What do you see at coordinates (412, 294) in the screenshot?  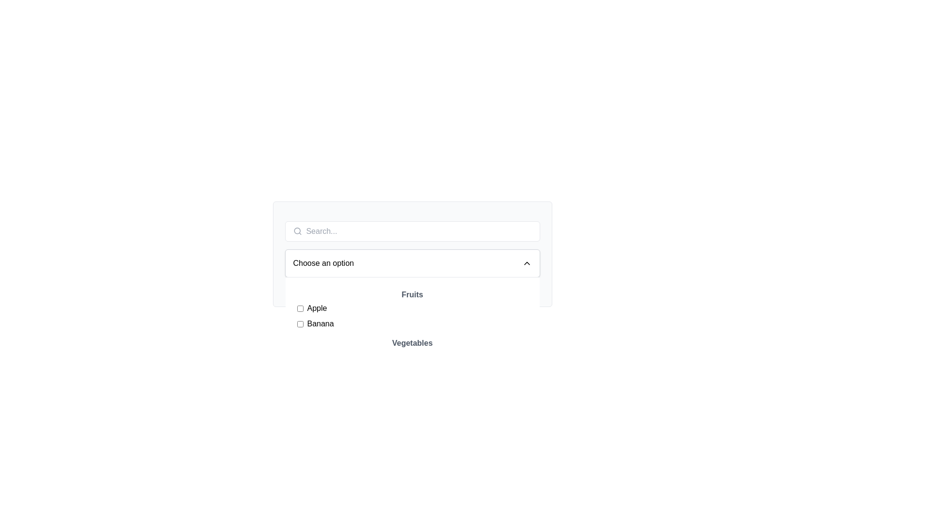 I see `the static text label 'Fruits' which is styled in bold gray font and positioned as a header above a list of items` at bounding box center [412, 294].